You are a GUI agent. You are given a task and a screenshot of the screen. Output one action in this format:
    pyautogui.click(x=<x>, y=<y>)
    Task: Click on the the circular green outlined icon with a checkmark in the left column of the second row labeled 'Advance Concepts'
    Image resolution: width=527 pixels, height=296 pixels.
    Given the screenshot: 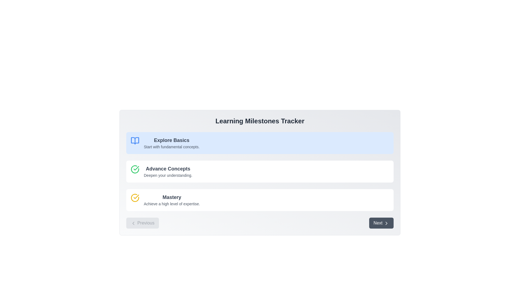 What is the action you would take?
    pyautogui.click(x=135, y=169)
    